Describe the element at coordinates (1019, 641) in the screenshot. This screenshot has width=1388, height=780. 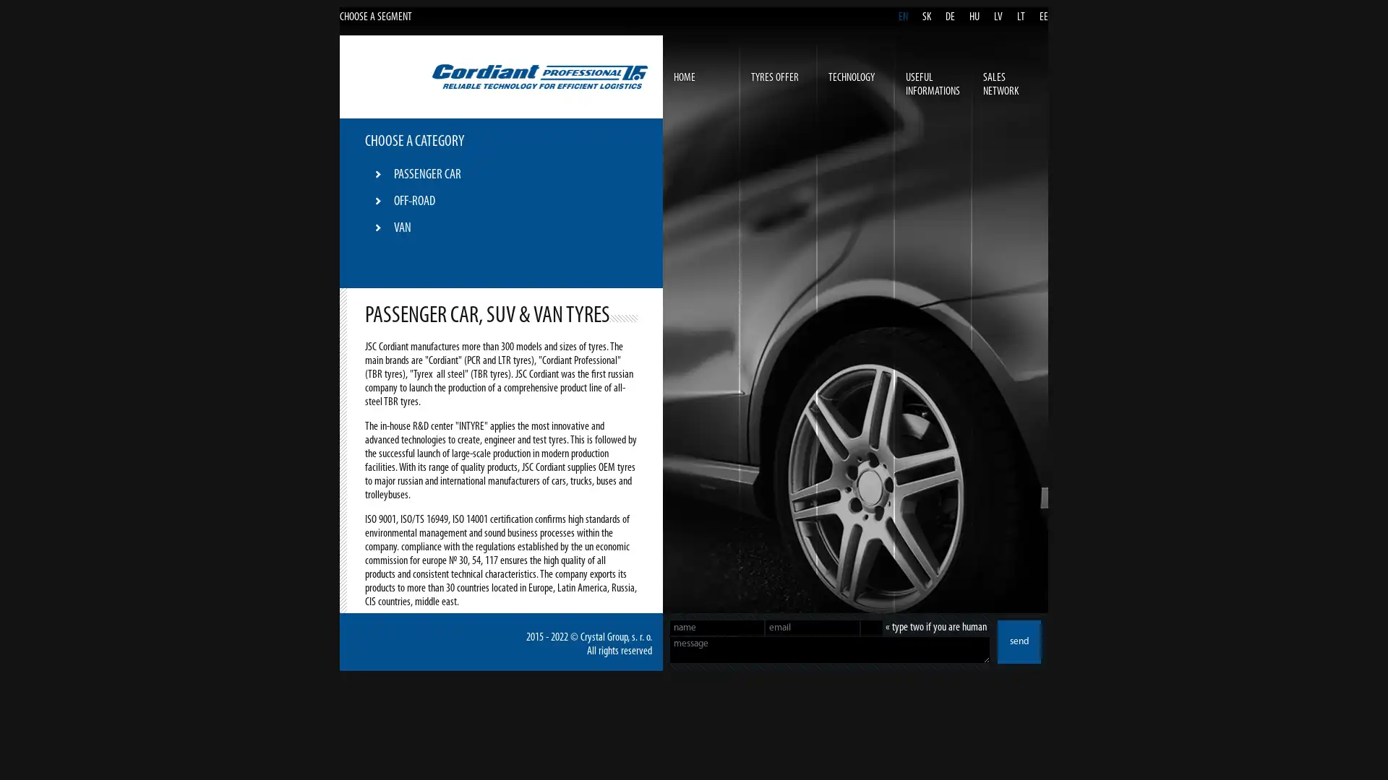
I see `send` at that location.